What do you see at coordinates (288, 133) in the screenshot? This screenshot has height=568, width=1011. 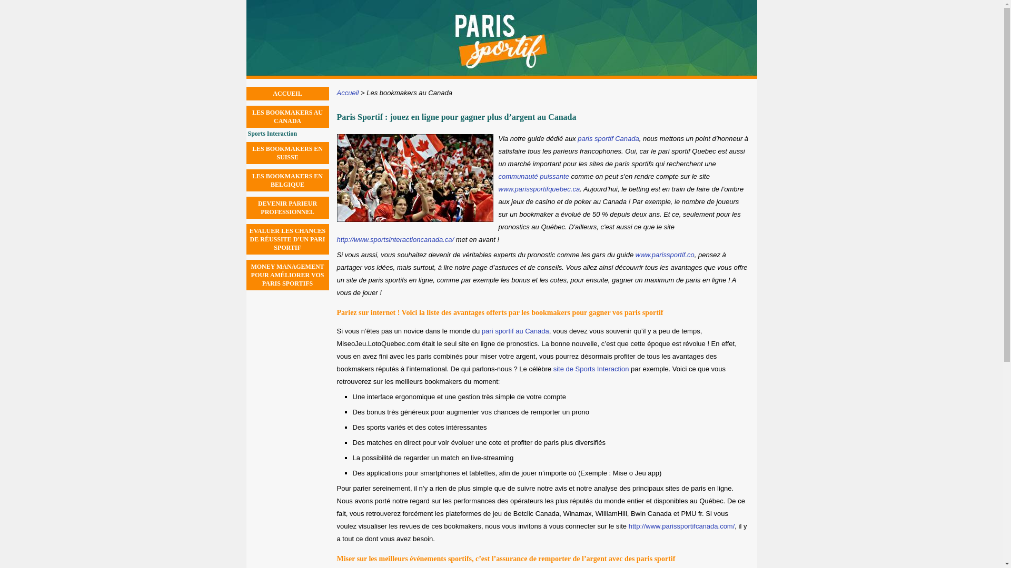 I see `'Sports Interaction'` at bounding box center [288, 133].